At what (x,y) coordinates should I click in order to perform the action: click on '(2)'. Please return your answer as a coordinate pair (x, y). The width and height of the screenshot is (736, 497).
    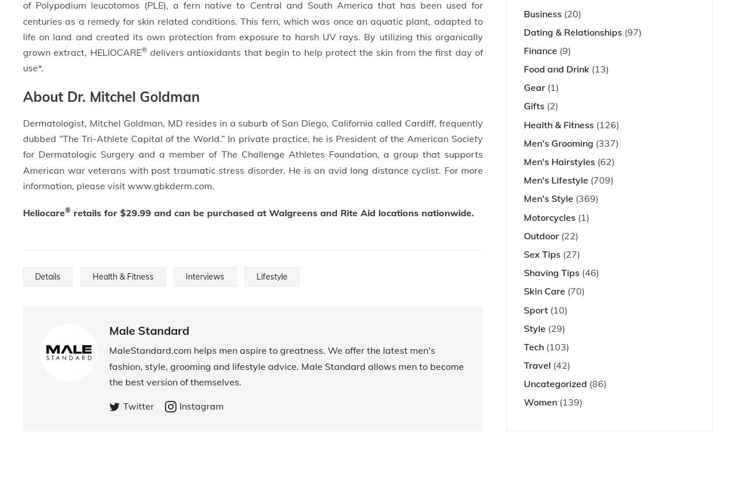
    Looking at the image, I should click on (550, 105).